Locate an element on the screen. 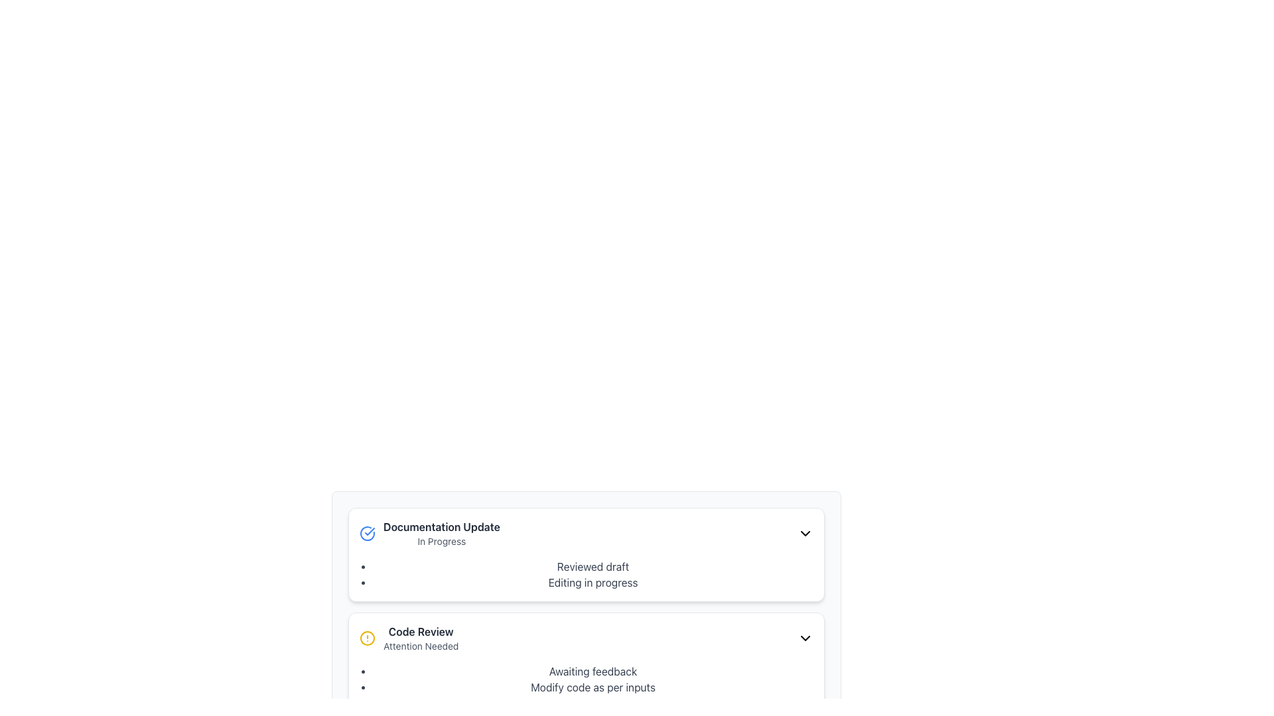 The image size is (1274, 716). the chevron-down icon located in the top-right corner of the 'Documentation Update' card is located at coordinates (805, 533).